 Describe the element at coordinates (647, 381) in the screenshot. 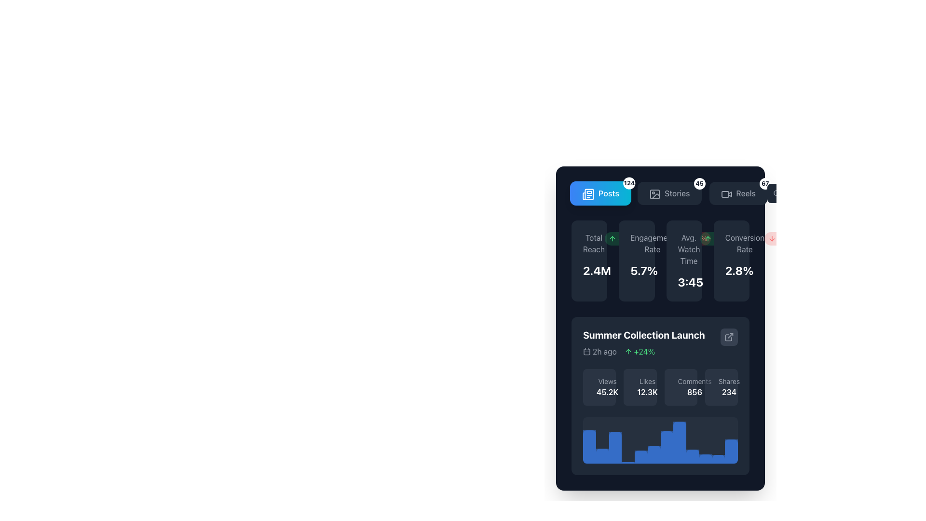

I see `the text label that reads 'Likes', which is displayed in light gray font against a dark background, positioned above the numeric value '12.3K' in a section titled 'Summer Collection Launch'` at that location.